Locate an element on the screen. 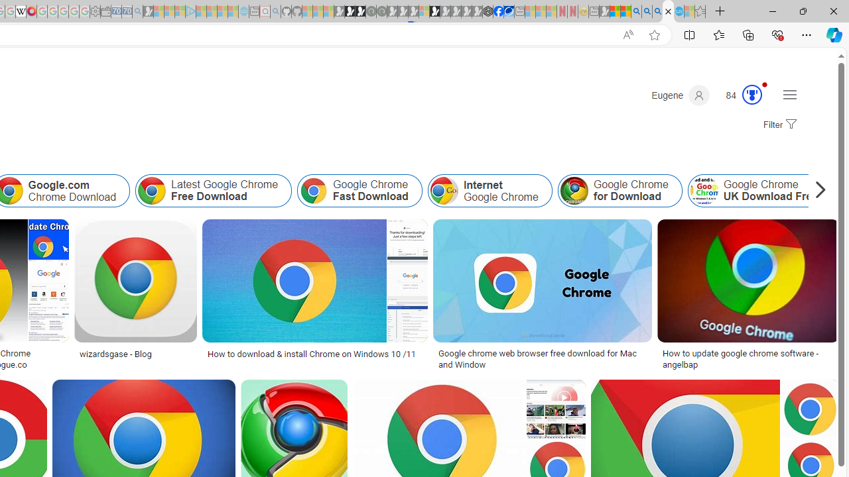 Image resolution: width=849 pixels, height=477 pixels. 'Google Chrome for Download' is located at coordinates (619, 191).